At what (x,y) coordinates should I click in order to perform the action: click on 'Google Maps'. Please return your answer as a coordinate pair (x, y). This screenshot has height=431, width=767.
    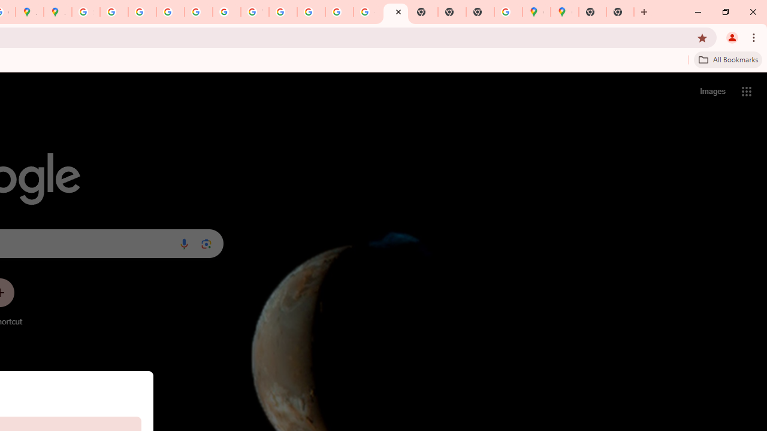
    Looking at the image, I should click on (564, 12).